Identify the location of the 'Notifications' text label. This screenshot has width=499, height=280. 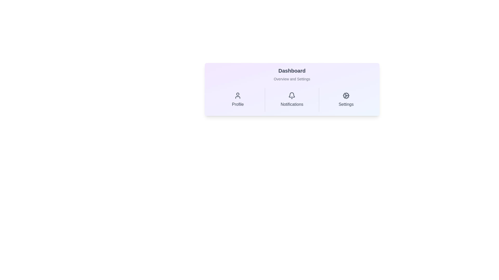
(292, 104).